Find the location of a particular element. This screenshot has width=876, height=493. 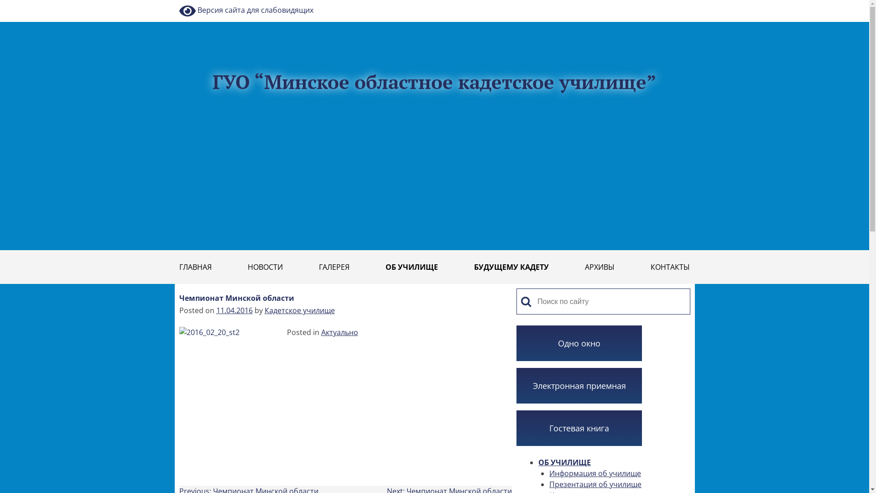

'11.04.2016' is located at coordinates (234, 309).